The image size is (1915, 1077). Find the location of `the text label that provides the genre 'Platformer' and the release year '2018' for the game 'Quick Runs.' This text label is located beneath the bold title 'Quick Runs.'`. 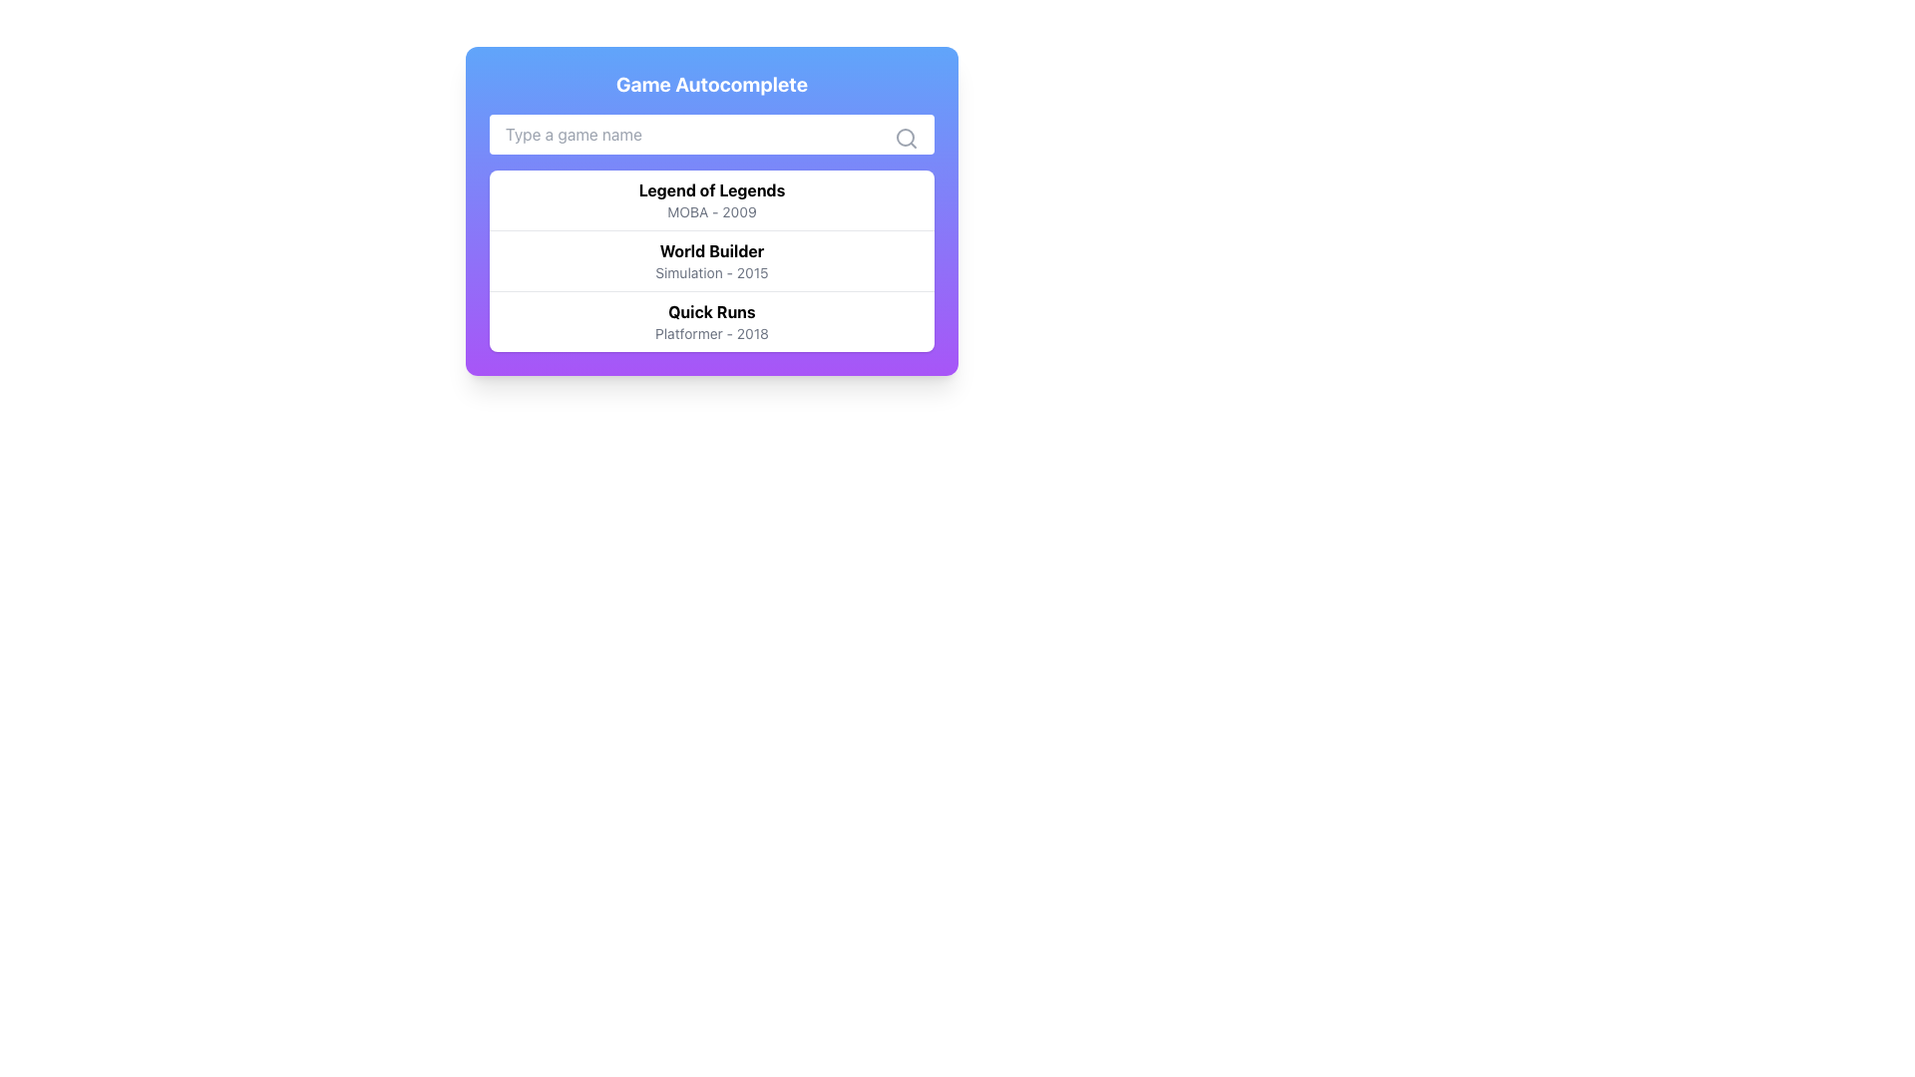

the text label that provides the genre 'Platformer' and the release year '2018' for the game 'Quick Runs.' This text label is located beneath the bold title 'Quick Runs.' is located at coordinates (712, 333).